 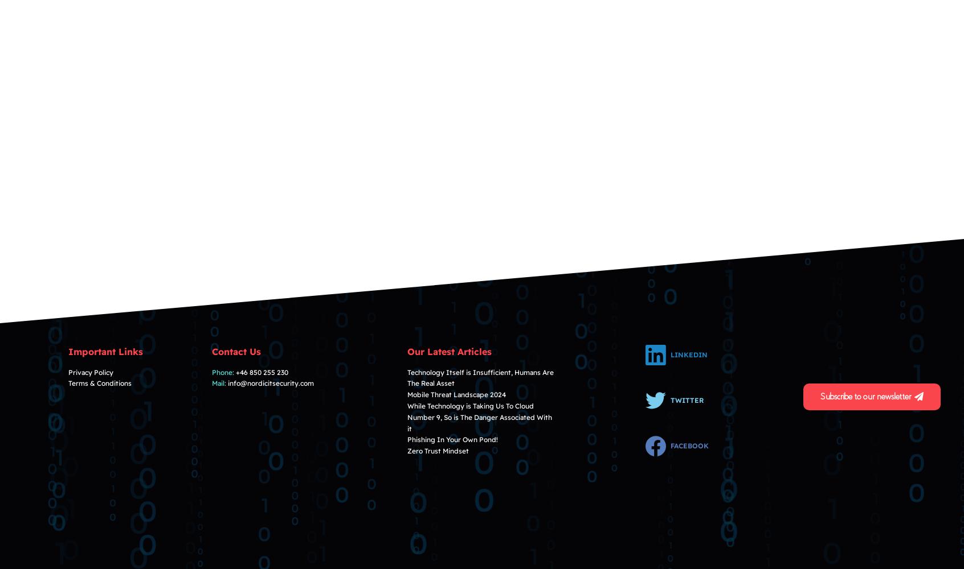 What do you see at coordinates (406, 394) in the screenshot?
I see `'Mobile Threat Landscape 2024'` at bounding box center [406, 394].